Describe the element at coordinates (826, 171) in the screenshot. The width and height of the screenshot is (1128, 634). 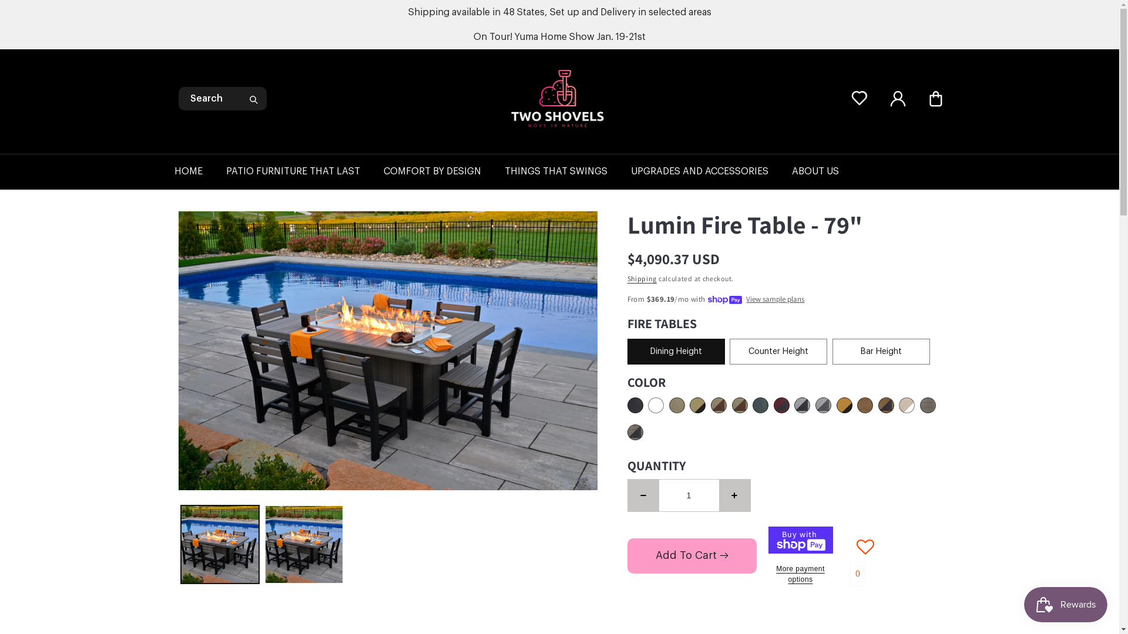
I see `'ABOUT US'` at that location.